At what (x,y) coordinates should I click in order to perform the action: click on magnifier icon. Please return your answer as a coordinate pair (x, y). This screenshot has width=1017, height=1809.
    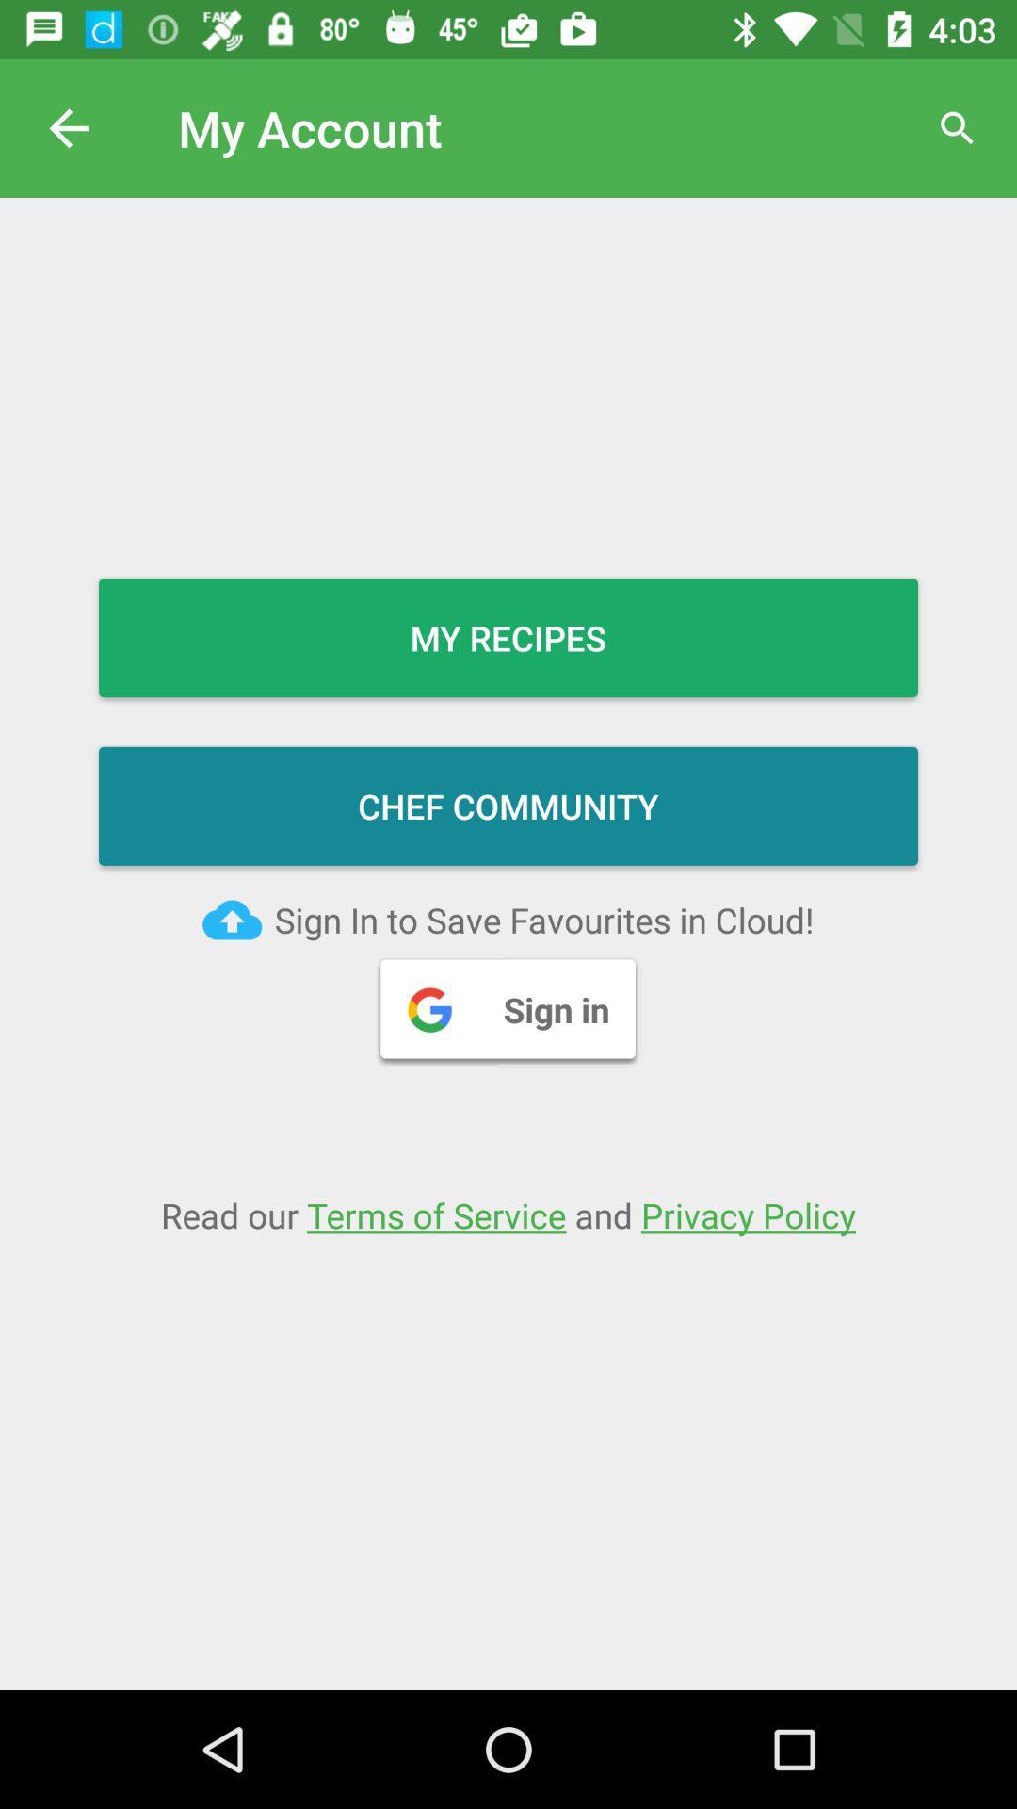
    Looking at the image, I should click on (958, 128).